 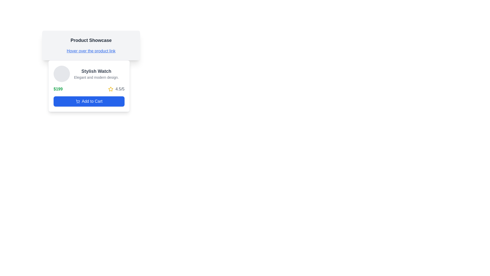 I want to click on the main body of the shopping cart icon, which is represented within a group of SVG elements, to indicate interaction, so click(x=77, y=101).